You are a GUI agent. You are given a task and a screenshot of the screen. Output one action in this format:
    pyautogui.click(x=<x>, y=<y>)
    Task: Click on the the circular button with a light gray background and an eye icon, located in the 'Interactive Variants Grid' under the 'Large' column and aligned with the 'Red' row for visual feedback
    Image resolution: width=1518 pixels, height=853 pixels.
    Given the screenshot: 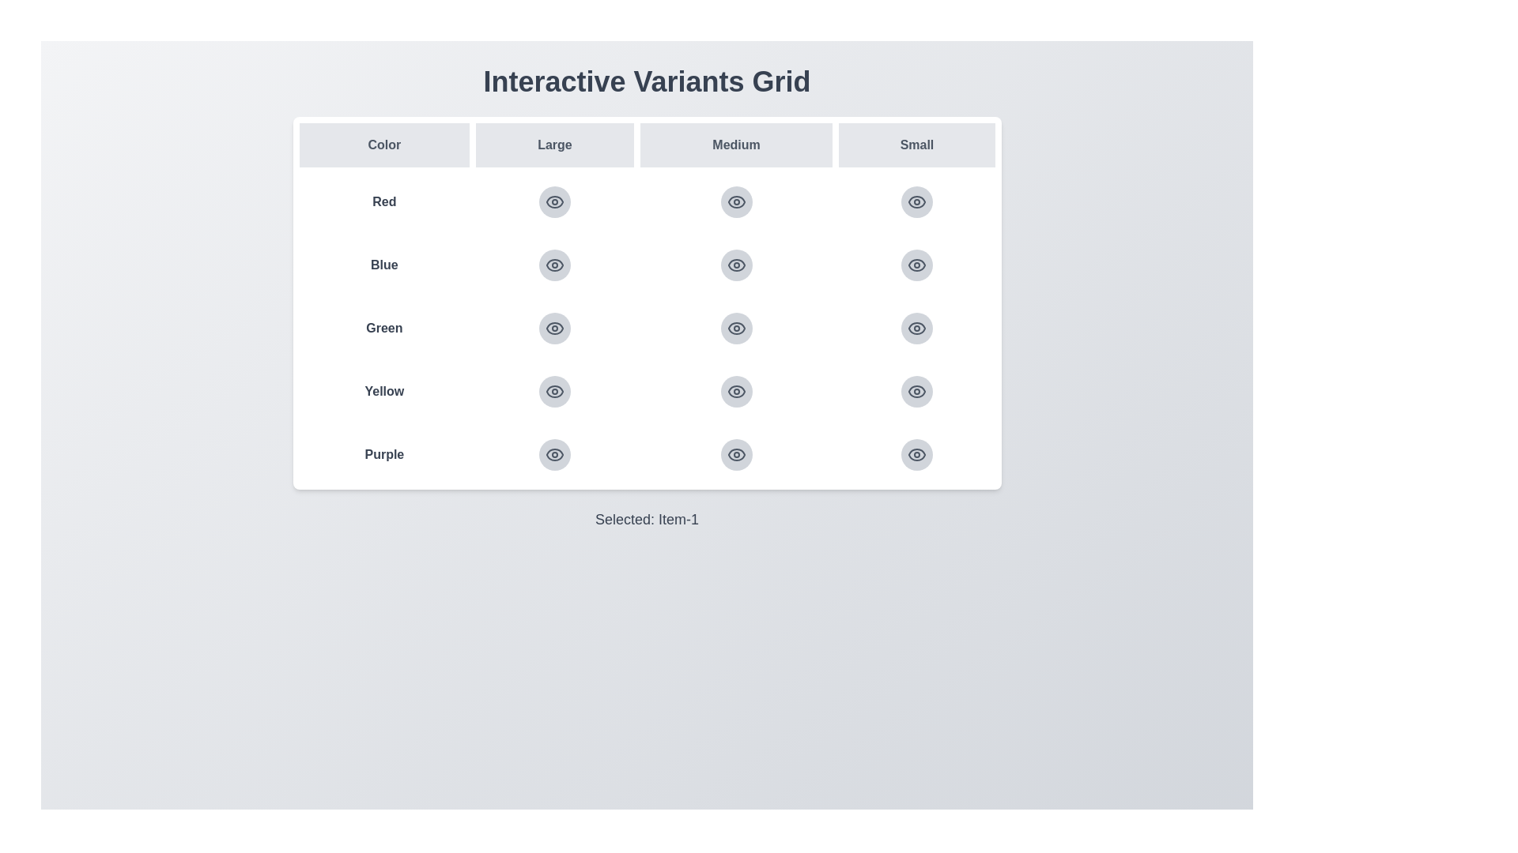 What is the action you would take?
    pyautogui.click(x=554, y=201)
    